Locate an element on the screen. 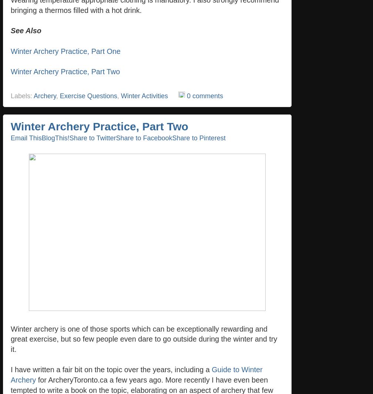  'Share to Pinterest' is located at coordinates (198, 137).